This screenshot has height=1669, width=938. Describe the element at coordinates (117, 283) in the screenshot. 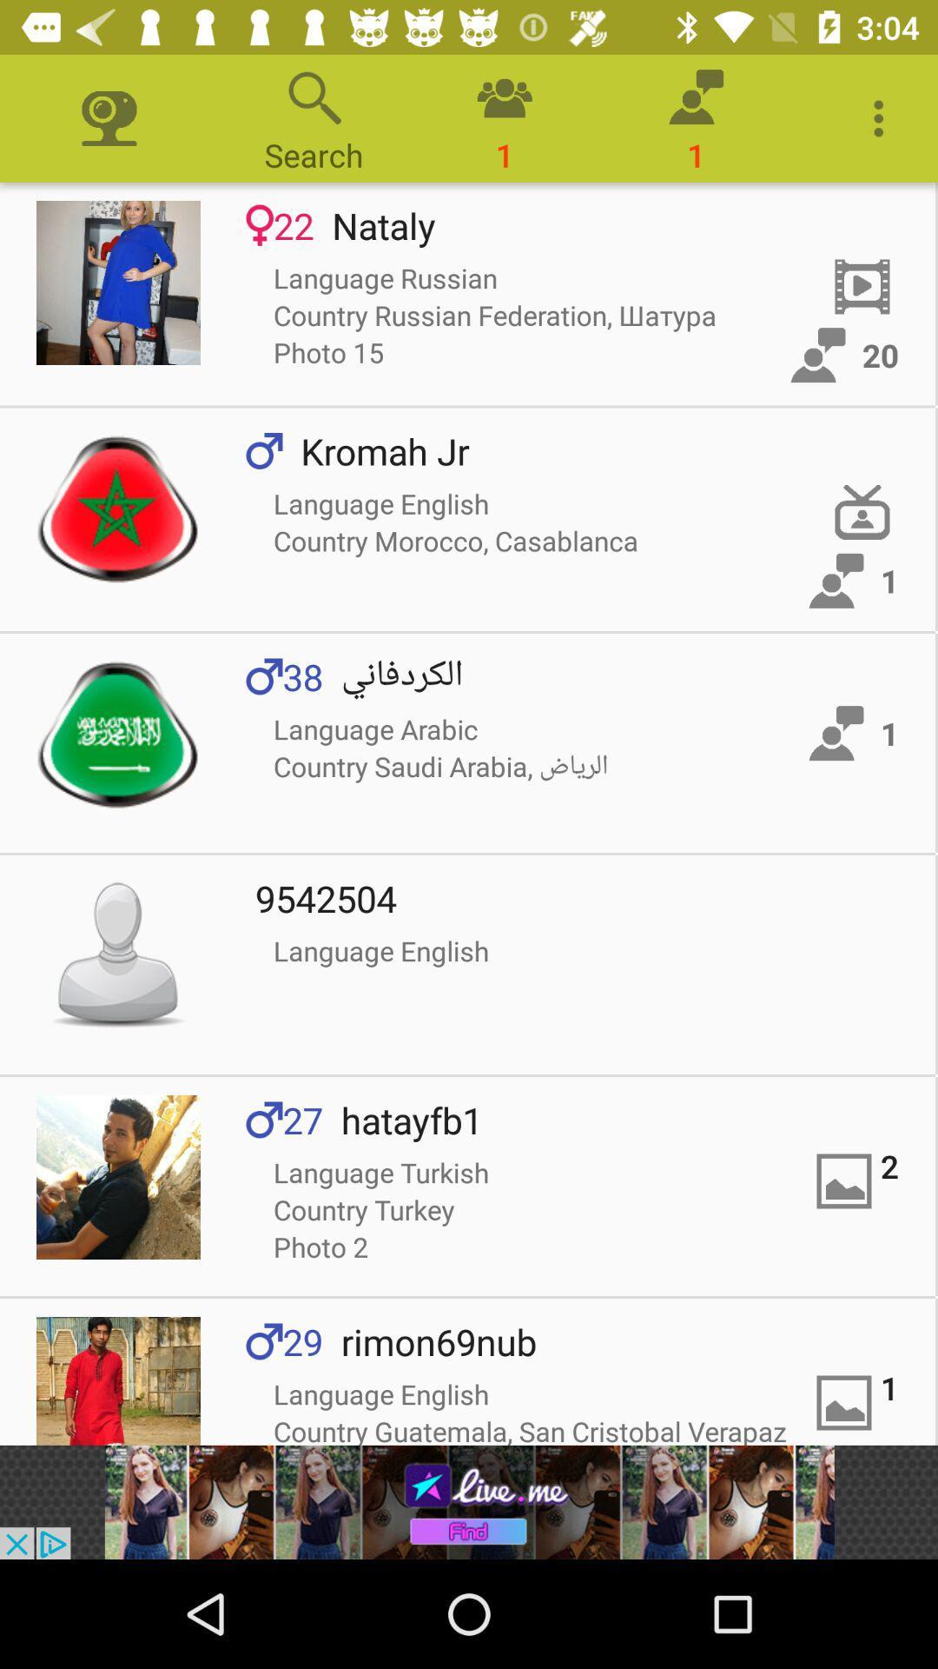

I see `show profile` at that location.